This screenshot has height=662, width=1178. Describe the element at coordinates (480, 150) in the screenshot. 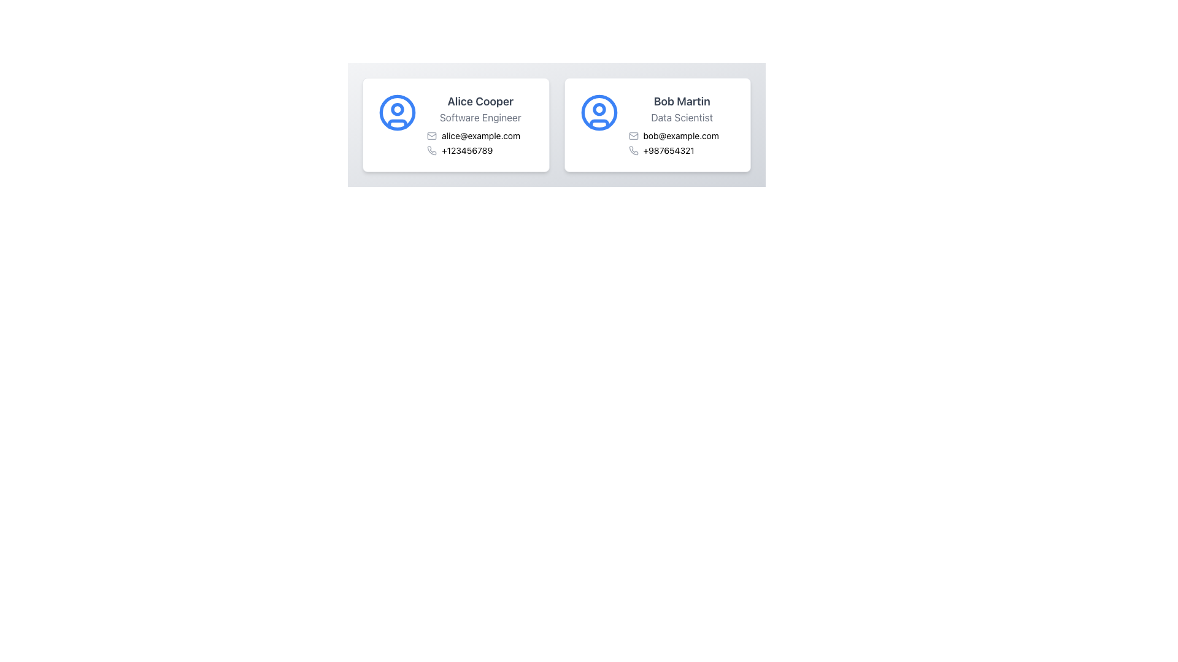

I see `the text component displaying the phone number '+123456789' located within the contact card of 'Alice Cooper', positioned below the email address 'alice@example.com'` at that location.